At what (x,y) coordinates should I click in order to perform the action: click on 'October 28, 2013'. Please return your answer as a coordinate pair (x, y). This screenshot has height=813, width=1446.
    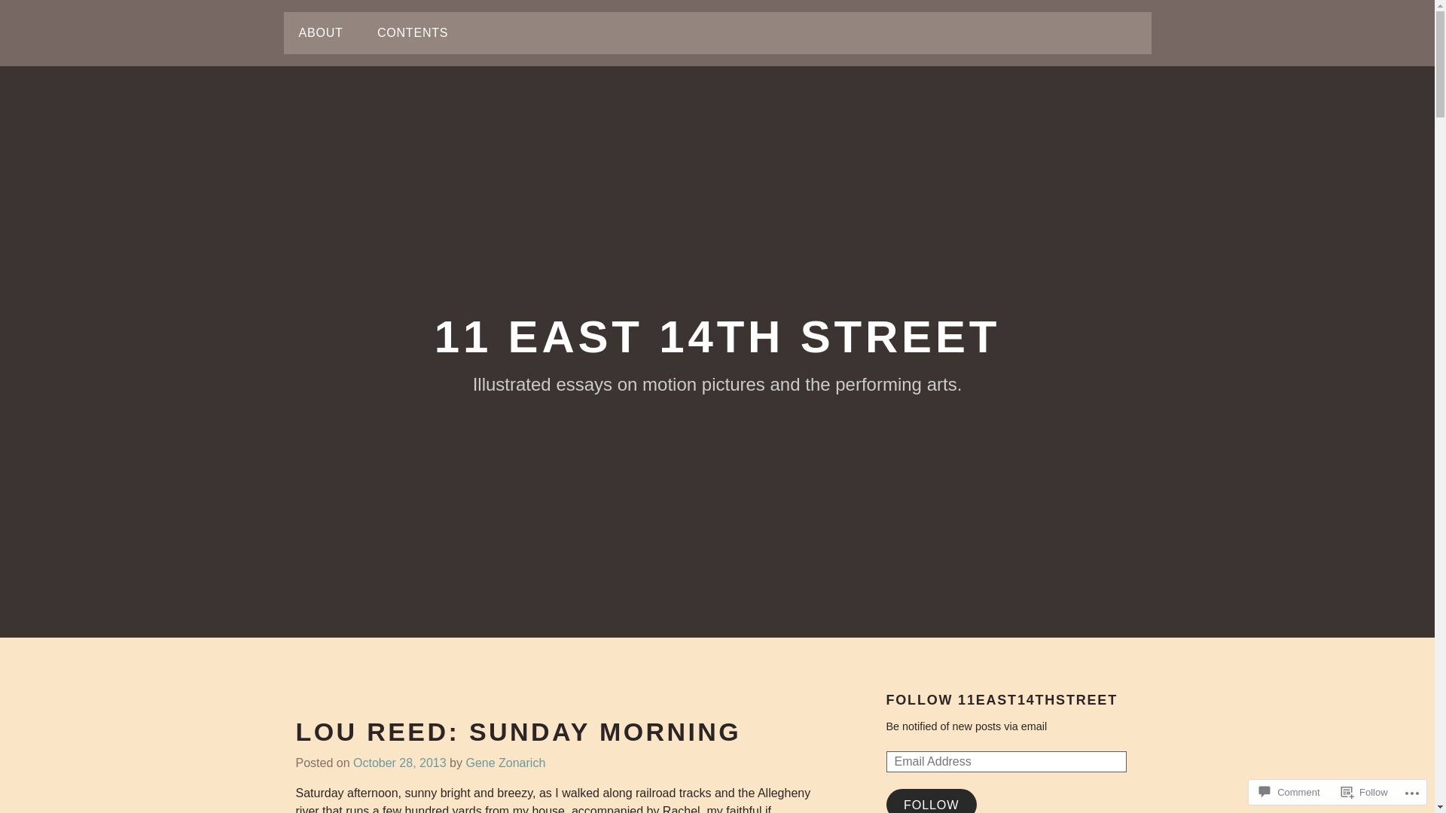
    Looking at the image, I should click on (352, 763).